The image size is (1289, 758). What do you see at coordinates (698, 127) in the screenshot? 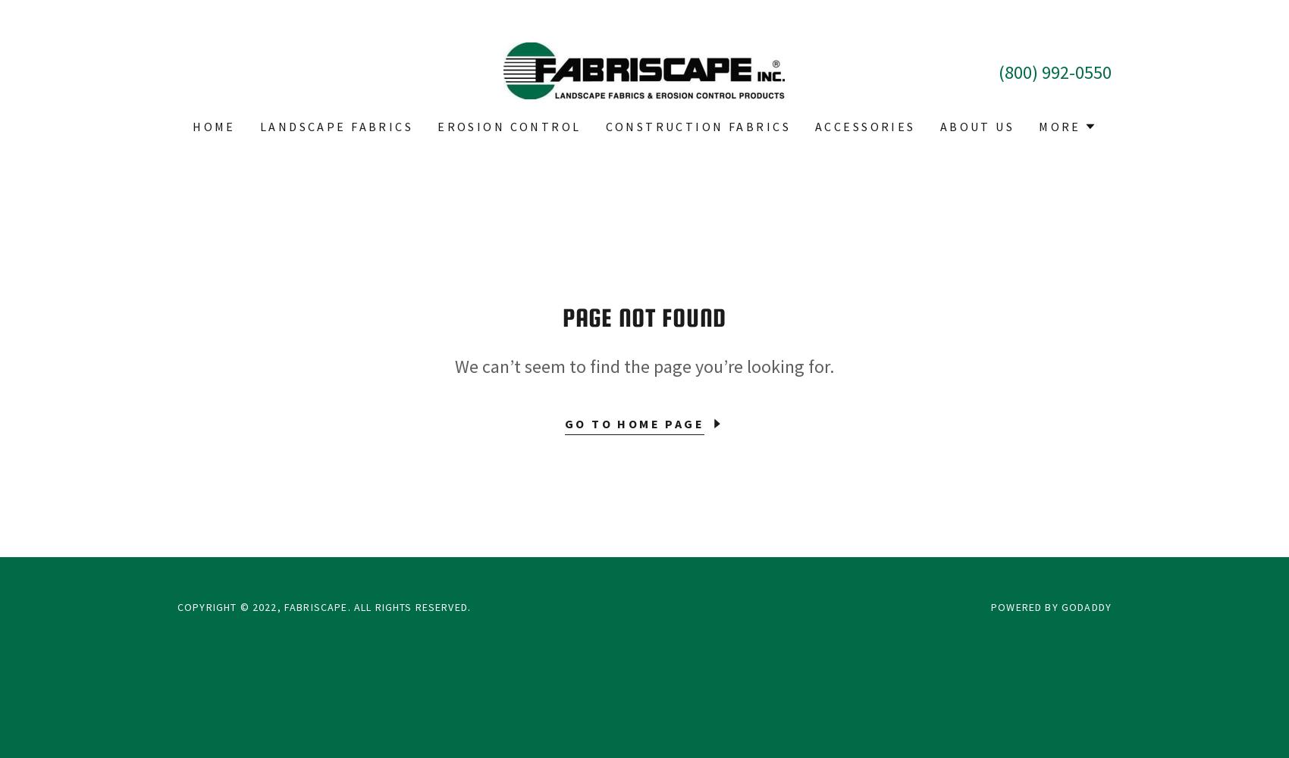
I see `'Construction Fabrics'` at bounding box center [698, 127].